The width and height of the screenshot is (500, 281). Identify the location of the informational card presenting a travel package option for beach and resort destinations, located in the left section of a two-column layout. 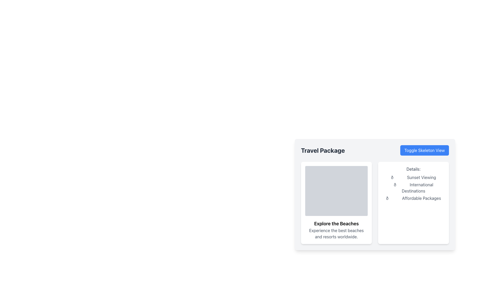
(336, 202).